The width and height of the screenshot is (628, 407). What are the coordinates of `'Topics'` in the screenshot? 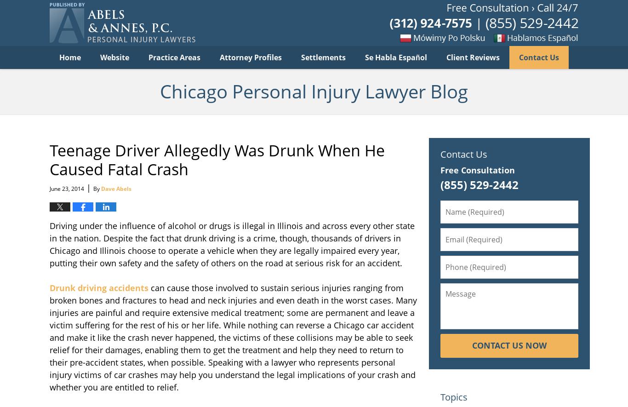 It's located at (454, 396).